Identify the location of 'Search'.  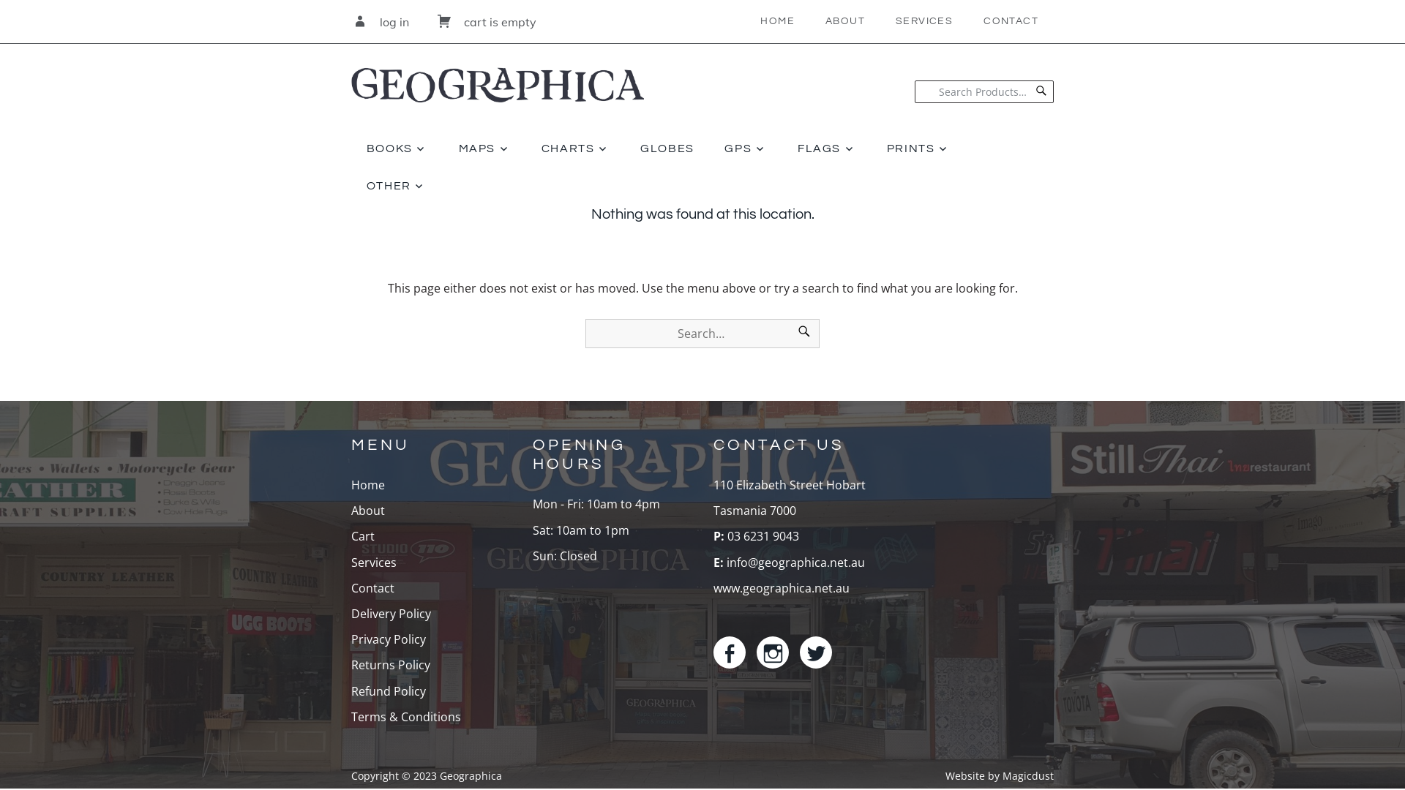
(1040, 91).